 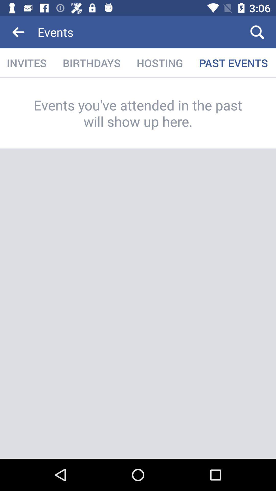 I want to click on item next to the past events icon, so click(x=159, y=63).